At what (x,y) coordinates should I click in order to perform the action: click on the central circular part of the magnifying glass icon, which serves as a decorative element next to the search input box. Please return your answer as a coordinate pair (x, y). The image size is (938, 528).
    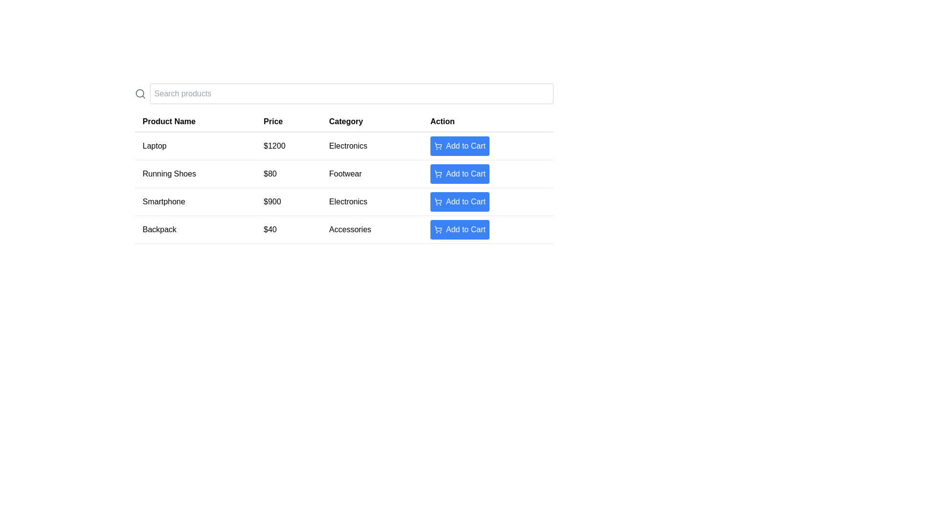
    Looking at the image, I should click on (139, 93).